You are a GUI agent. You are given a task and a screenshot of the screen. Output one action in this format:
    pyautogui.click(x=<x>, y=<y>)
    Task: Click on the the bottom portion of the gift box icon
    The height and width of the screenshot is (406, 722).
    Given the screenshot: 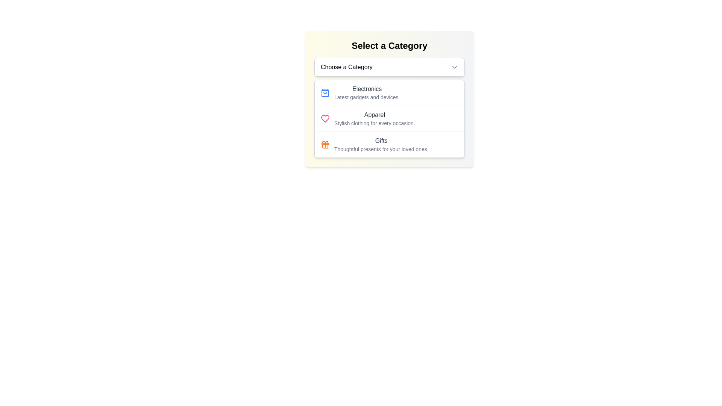 What is the action you would take?
    pyautogui.click(x=325, y=146)
    